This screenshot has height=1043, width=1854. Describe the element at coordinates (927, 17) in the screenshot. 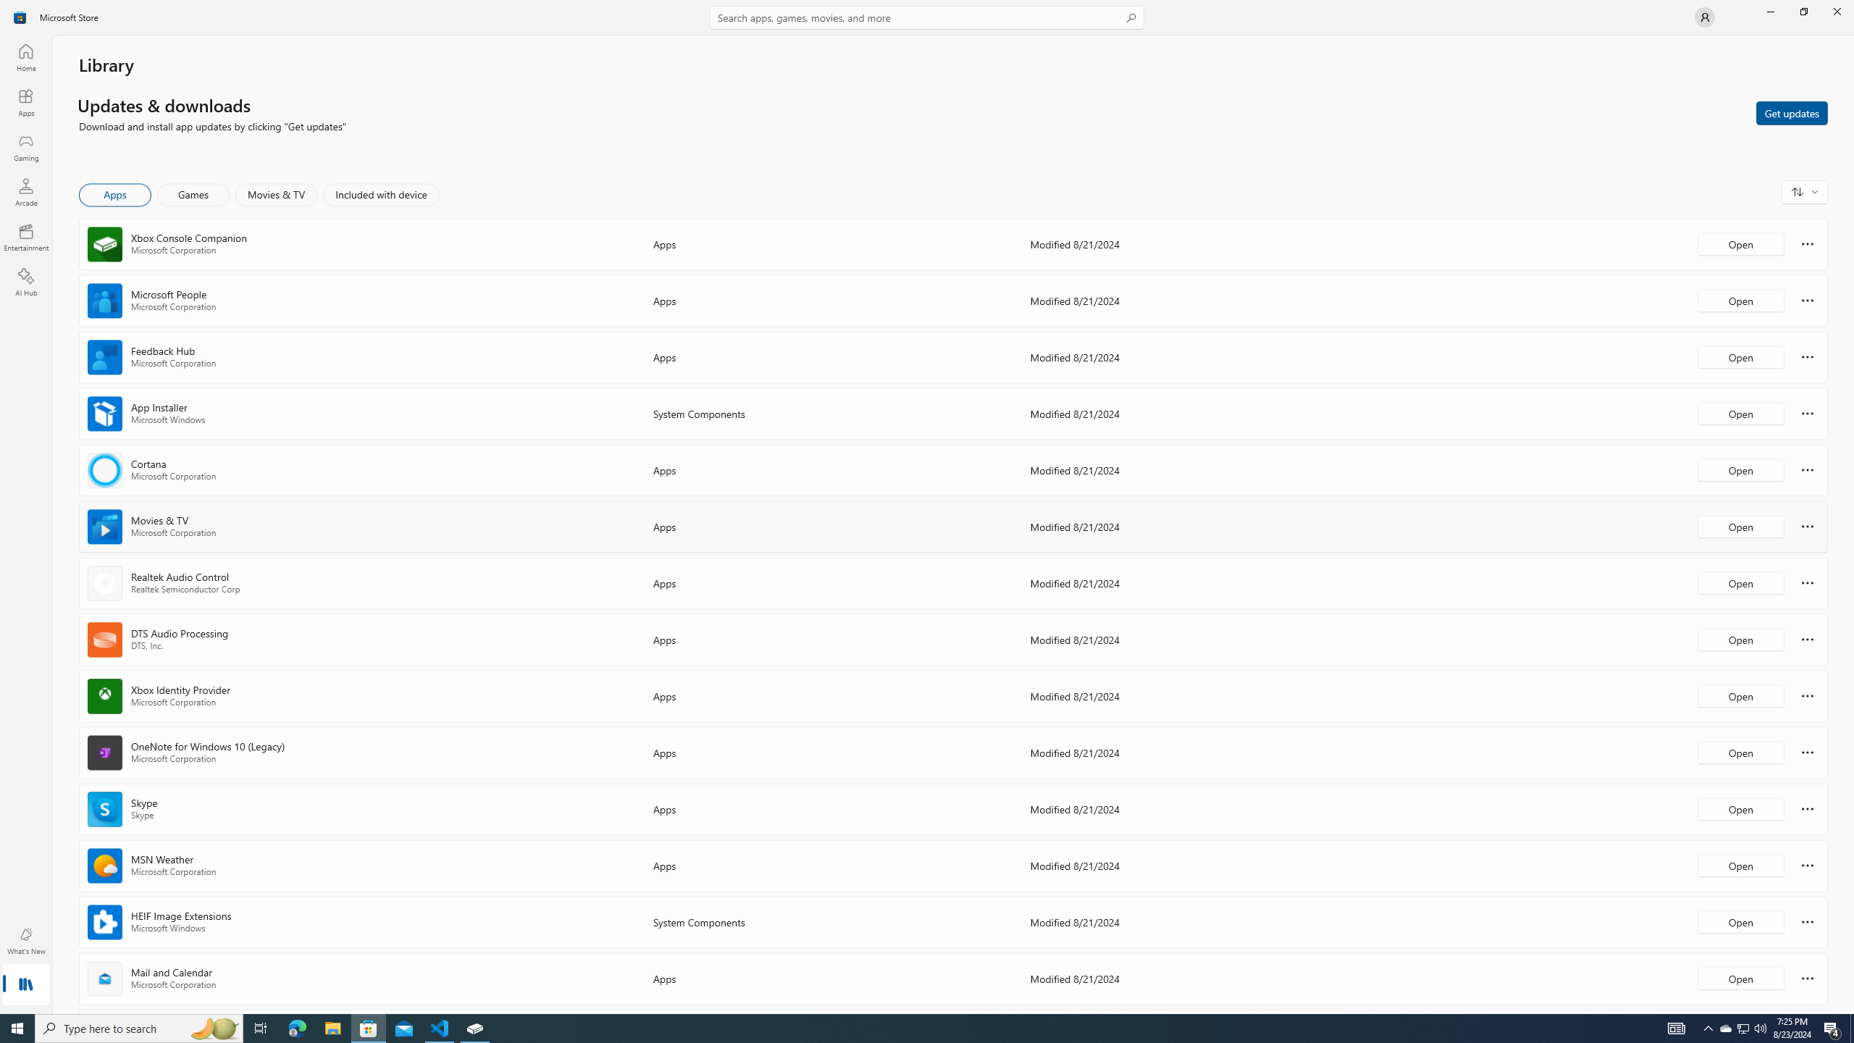

I see `'Search'` at that location.